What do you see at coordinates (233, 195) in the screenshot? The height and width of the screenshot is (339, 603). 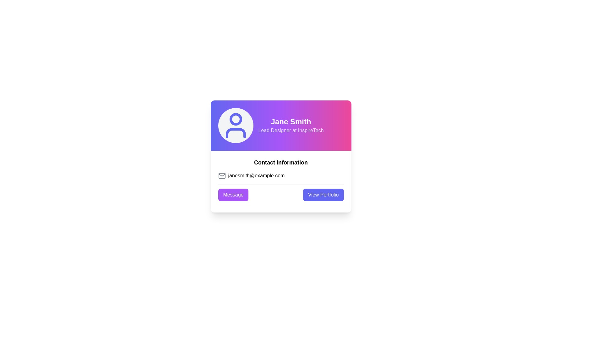 I see `the rectangular purple button labeled 'Message' located in the 'Contact Information' section` at bounding box center [233, 195].